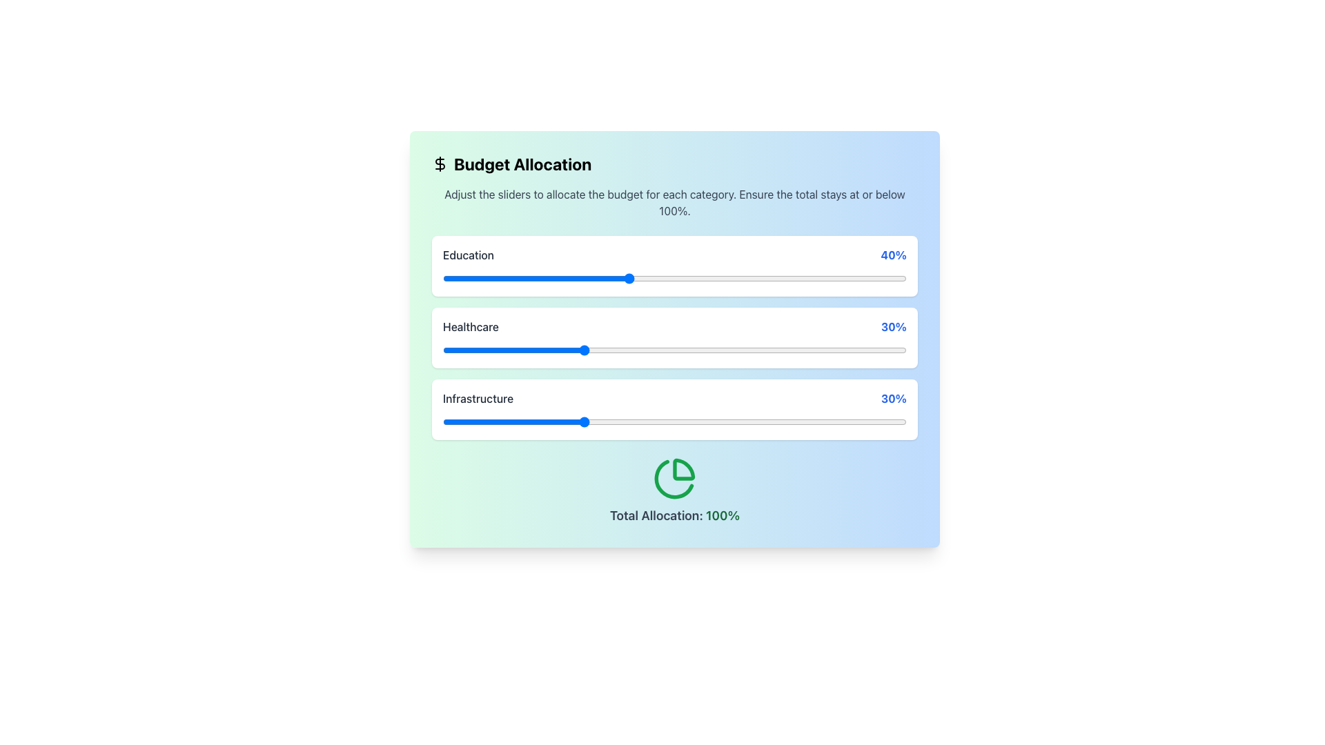 This screenshot has width=1325, height=745. Describe the element at coordinates (894, 327) in the screenshot. I see `the bold text label displaying '30%' in blue color, located in the second row to the far right of the 'Healthcare' slider` at that location.